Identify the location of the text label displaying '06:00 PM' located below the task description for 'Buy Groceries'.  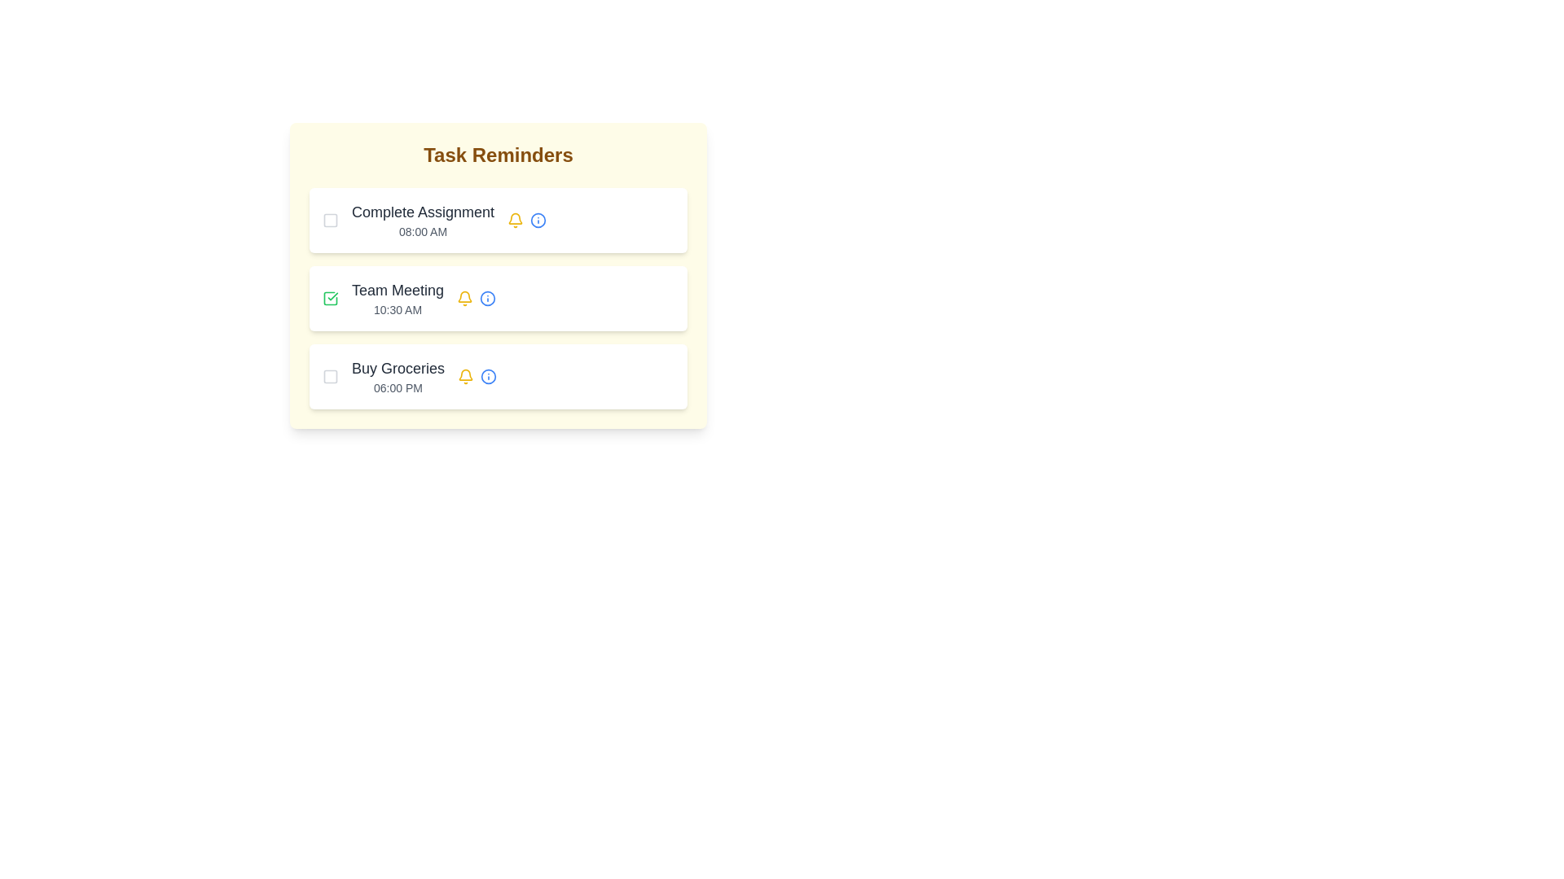
(398, 388).